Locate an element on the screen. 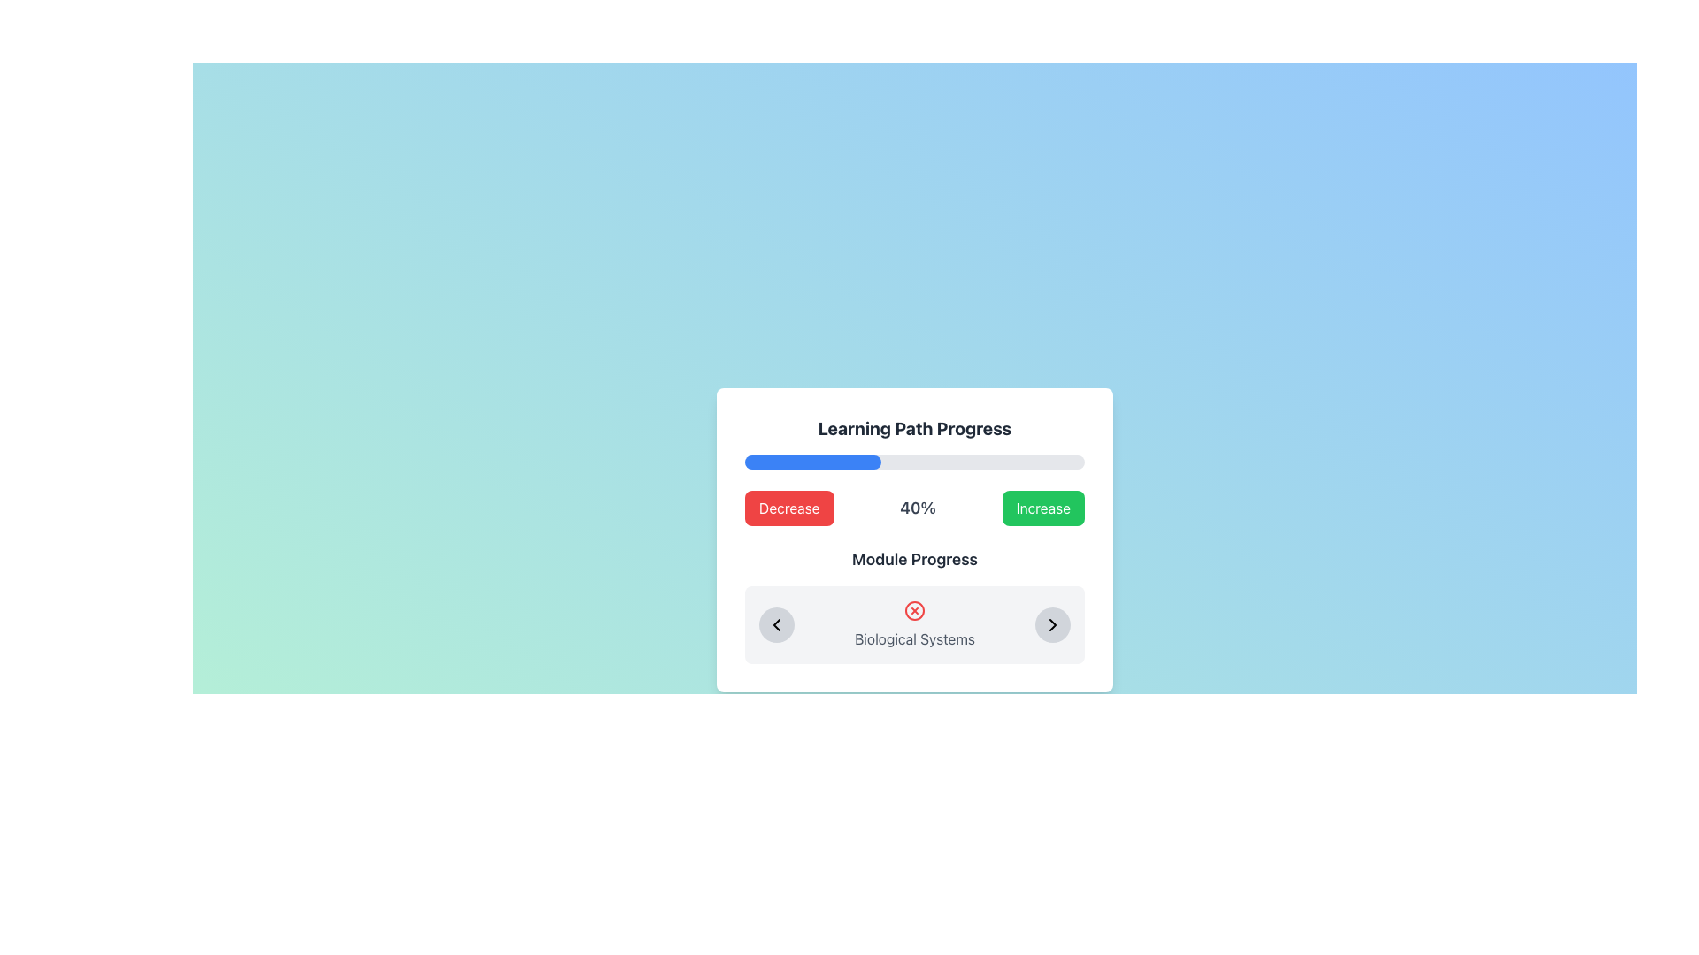 The image size is (1699, 955). the leftmost button that decreases the value associated with the '40%' text is located at coordinates (788, 508).